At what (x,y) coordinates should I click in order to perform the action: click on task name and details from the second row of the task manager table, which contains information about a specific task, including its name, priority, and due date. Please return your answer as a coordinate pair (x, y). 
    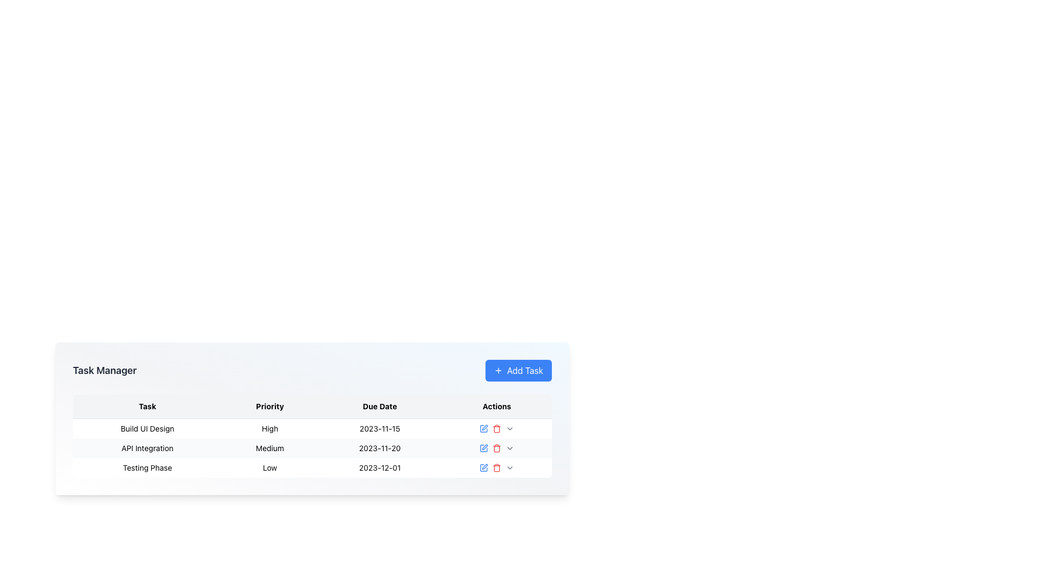
    Looking at the image, I should click on (312, 448).